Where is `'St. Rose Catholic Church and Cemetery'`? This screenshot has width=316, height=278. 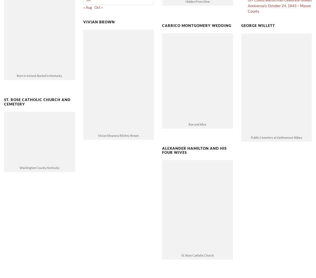 'St. Rose Catholic Church and Cemetery' is located at coordinates (4, 92).